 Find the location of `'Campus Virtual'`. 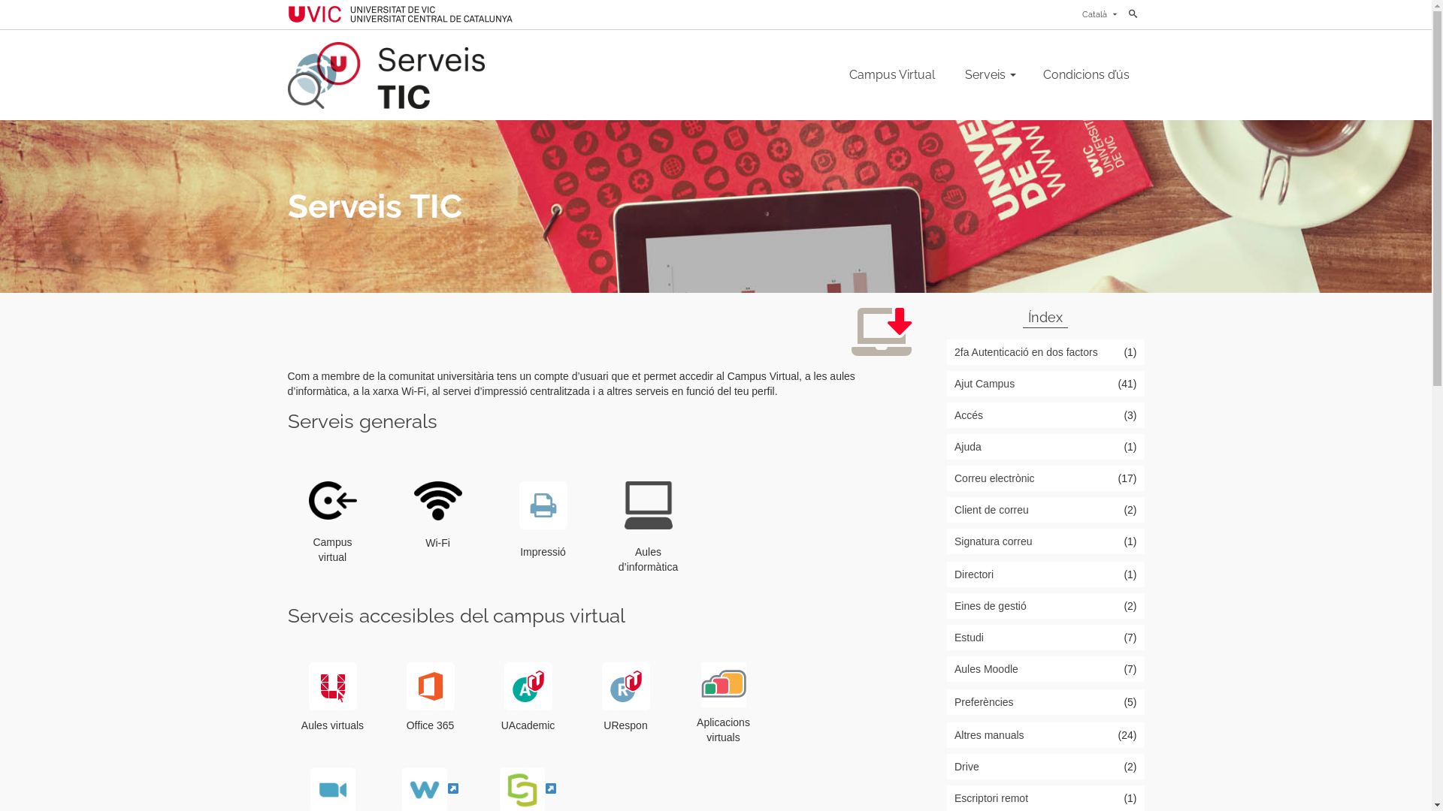

'Campus Virtual' is located at coordinates (891, 75).